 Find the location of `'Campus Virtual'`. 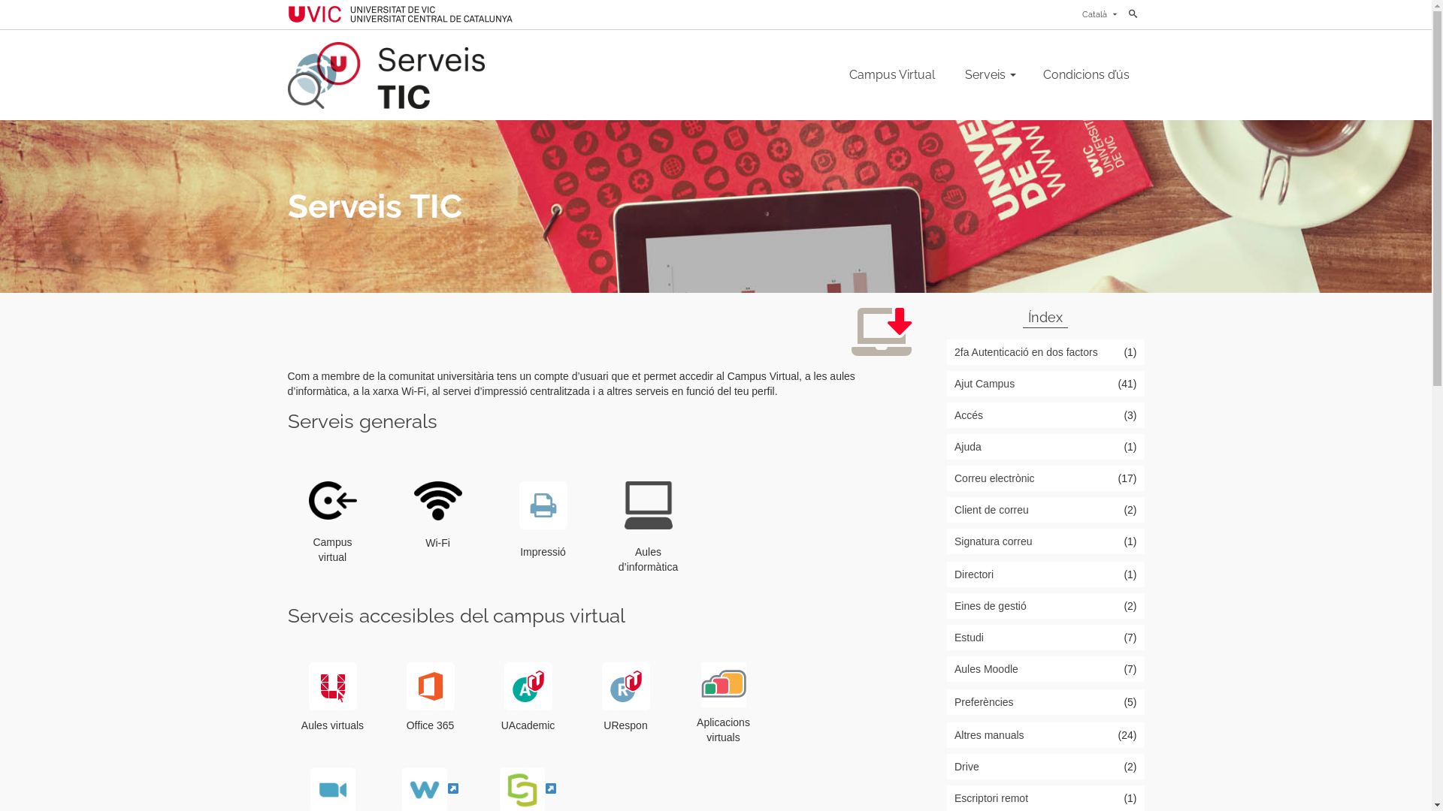

'Campus Virtual' is located at coordinates (891, 75).